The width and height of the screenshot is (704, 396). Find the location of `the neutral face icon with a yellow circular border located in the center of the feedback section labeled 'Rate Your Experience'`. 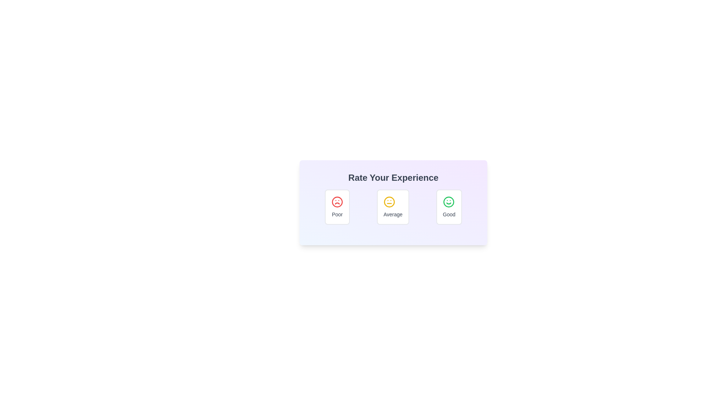

the neutral face icon with a yellow circular border located in the center of the feedback section labeled 'Rate Your Experience' is located at coordinates (389, 202).